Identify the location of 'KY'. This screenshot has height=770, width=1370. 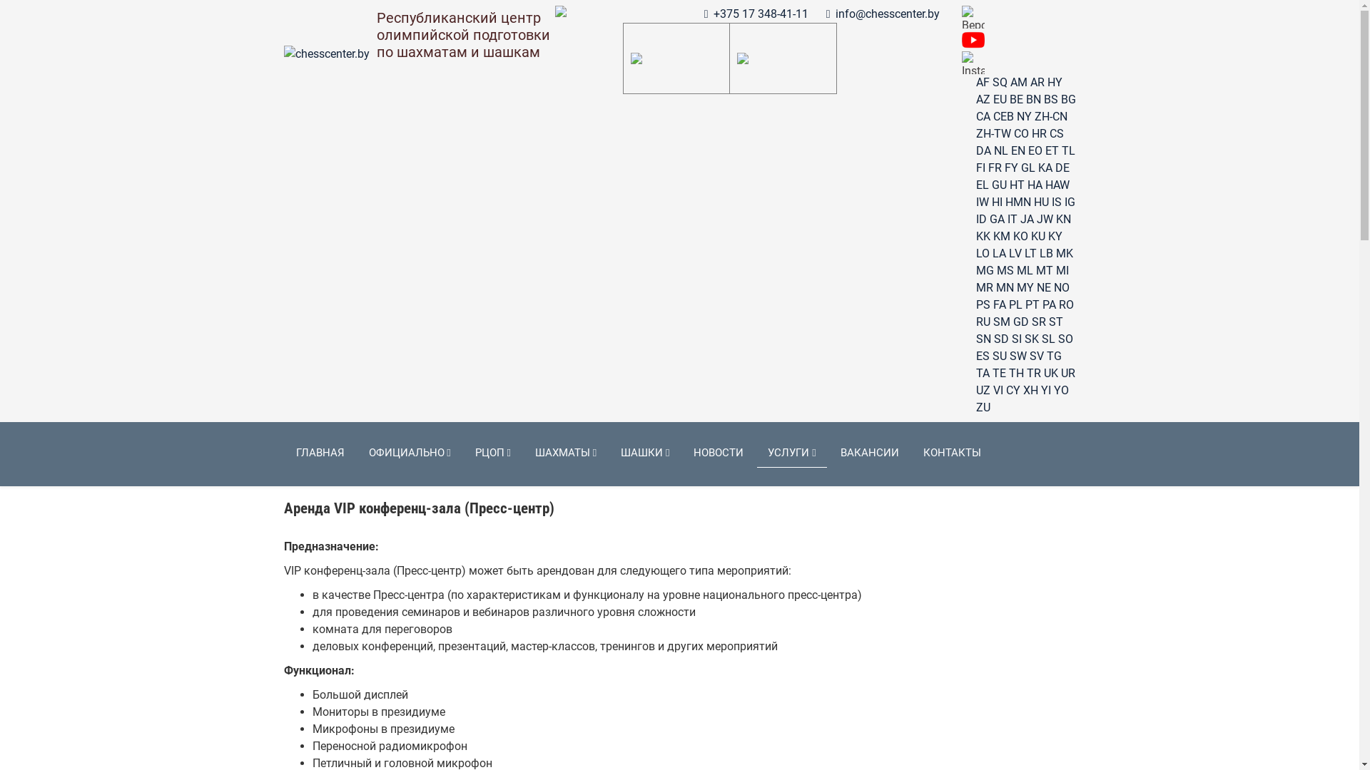
(1055, 235).